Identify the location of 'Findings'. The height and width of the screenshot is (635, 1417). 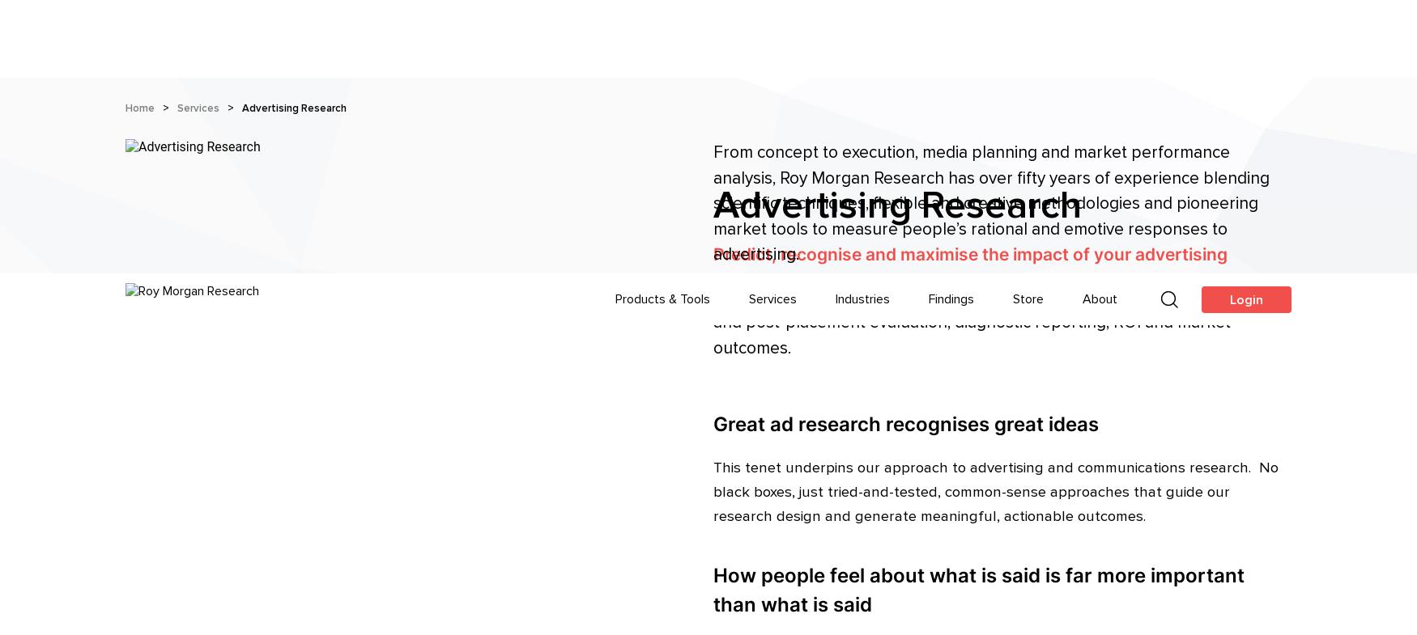
(950, 24).